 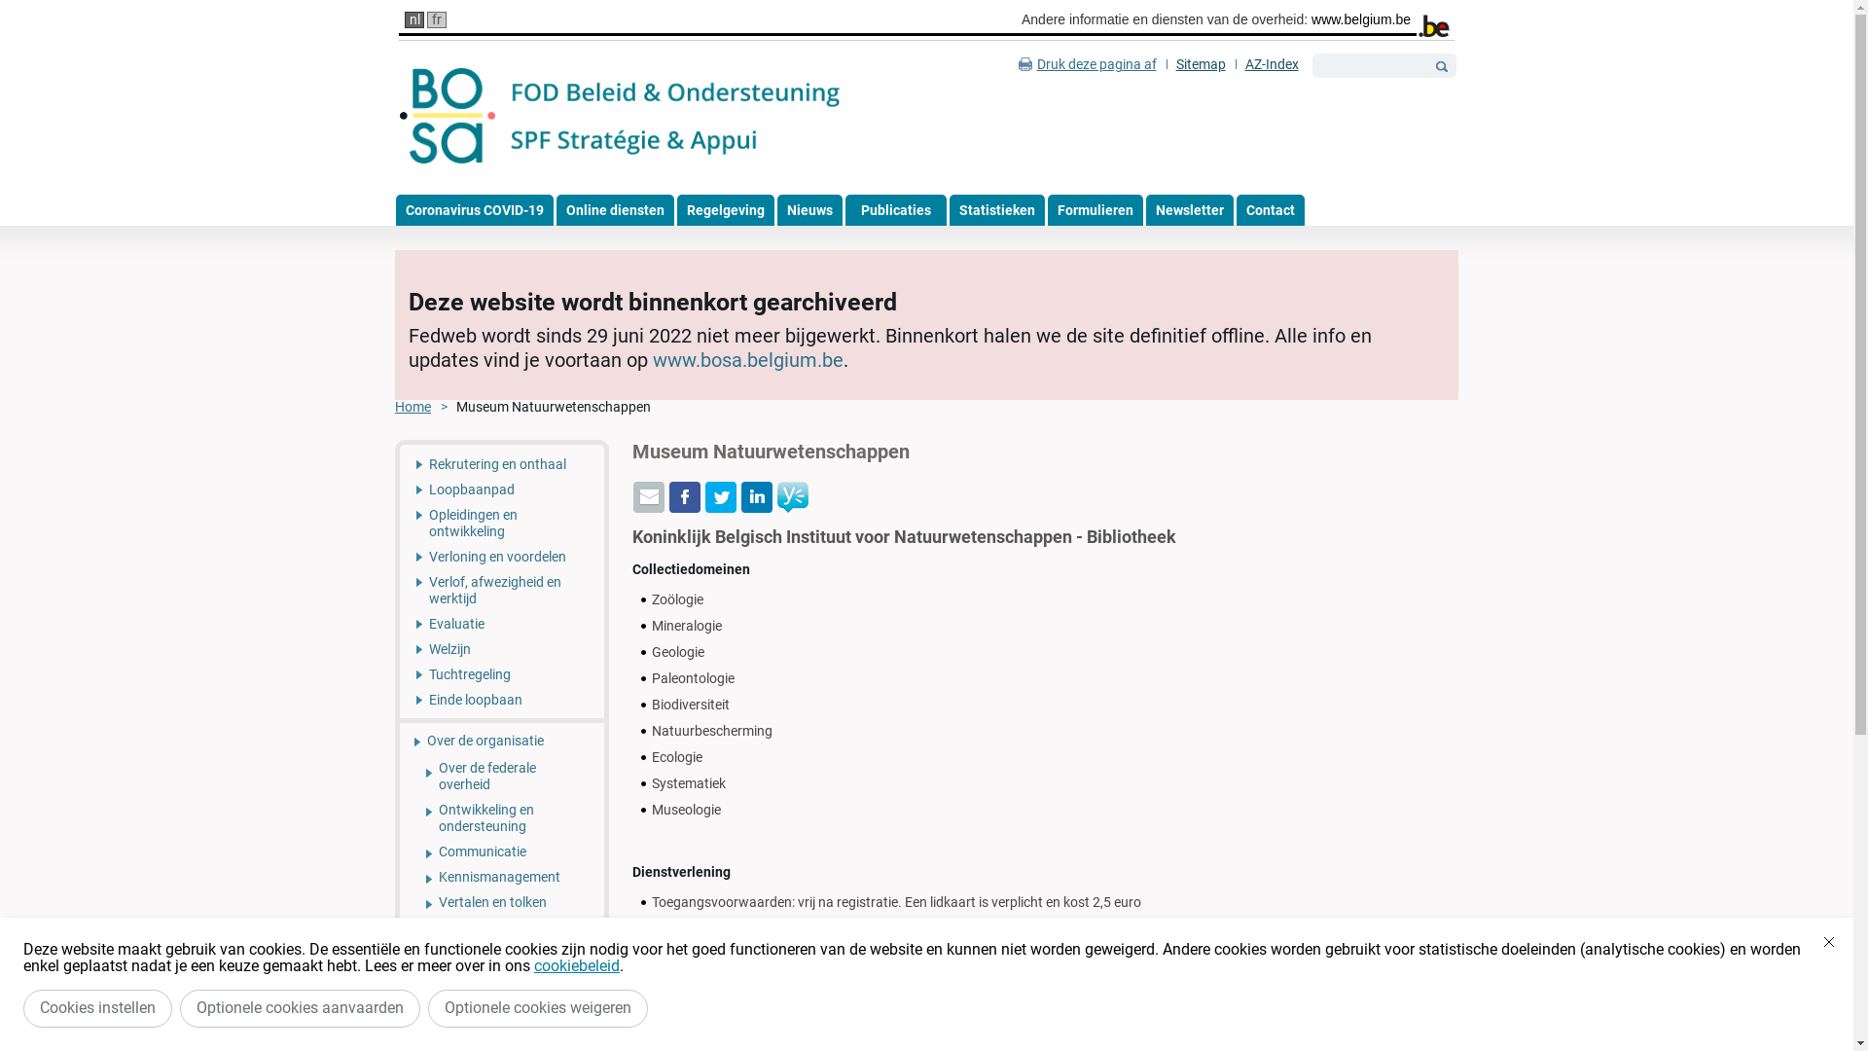 What do you see at coordinates (399, 851) in the screenshot?
I see `'Communicatie'` at bounding box center [399, 851].